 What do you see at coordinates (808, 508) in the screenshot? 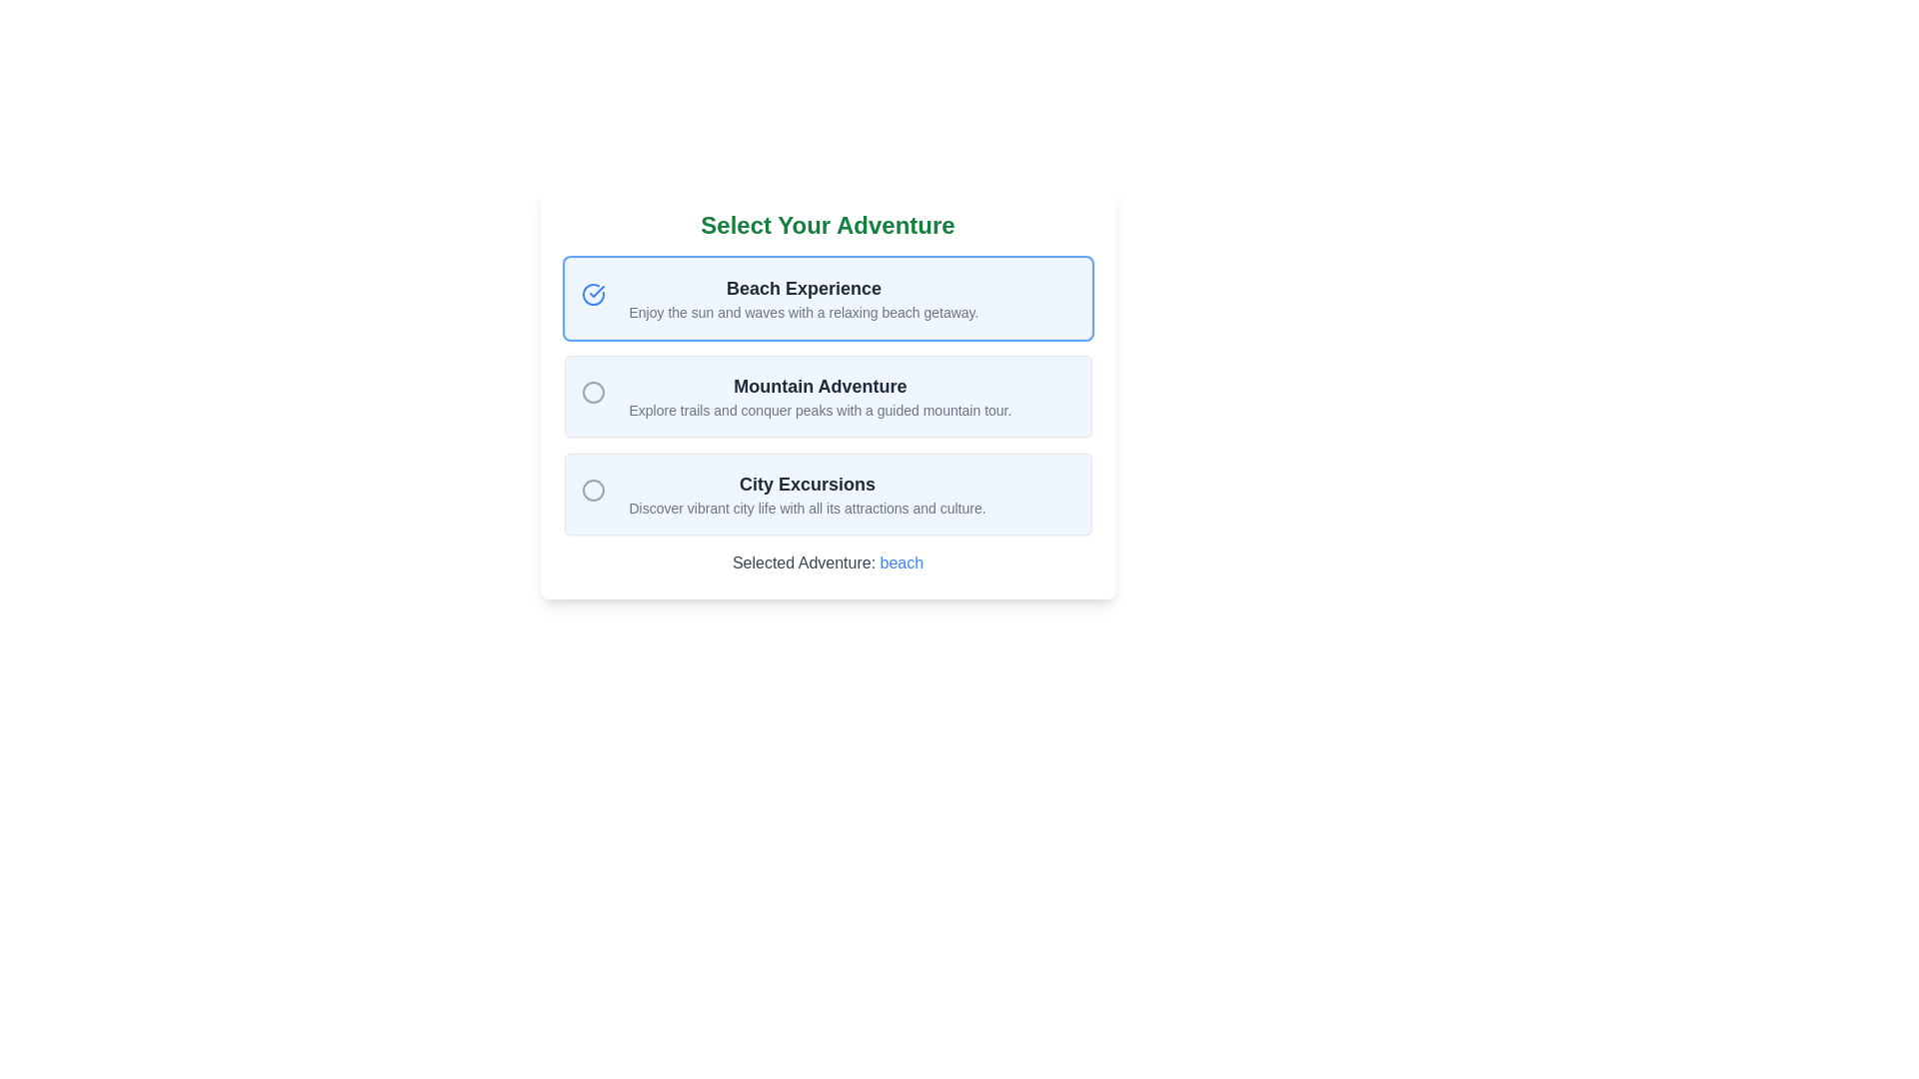
I see `the descriptive text element that provides information about the 'City Excursions' option` at bounding box center [808, 508].